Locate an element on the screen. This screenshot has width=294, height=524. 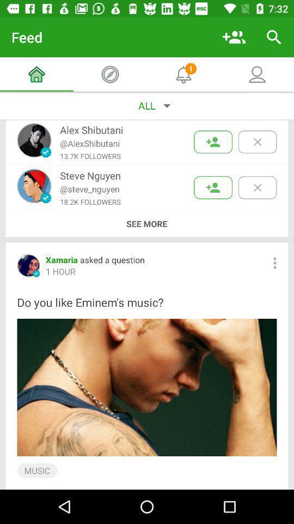
the item next to xamaria asked a is located at coordinates (274, 263).